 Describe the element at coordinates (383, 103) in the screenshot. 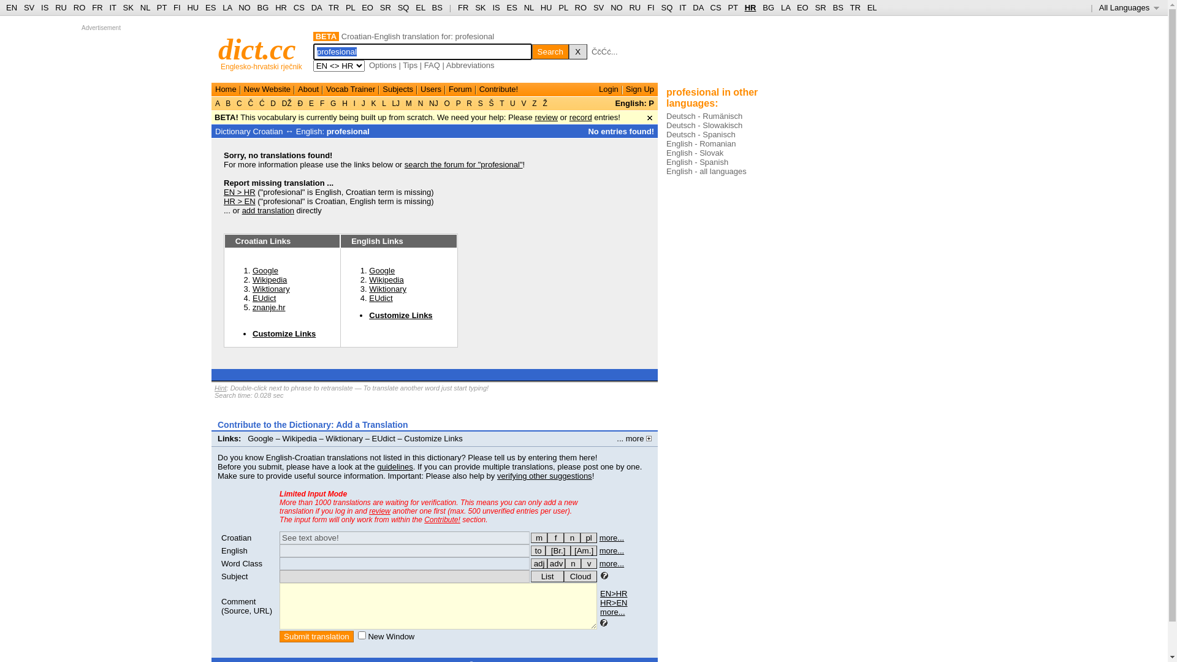

I see `'L'` at that location.